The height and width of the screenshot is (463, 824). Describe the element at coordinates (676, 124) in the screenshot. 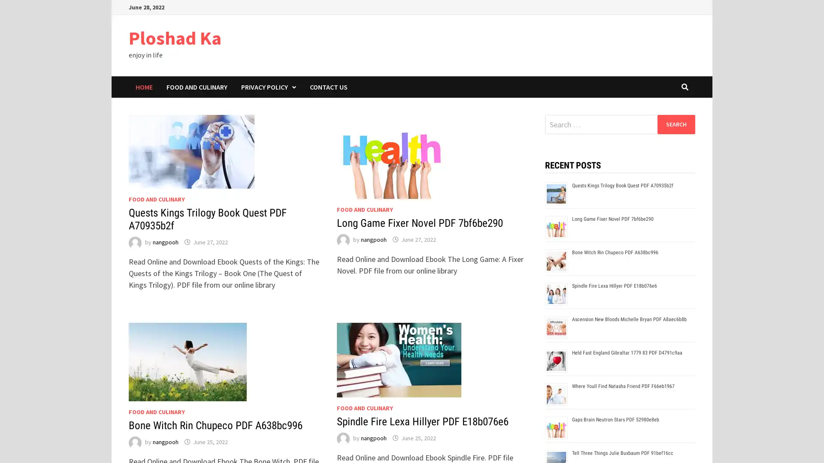

I see `Search` at that location.